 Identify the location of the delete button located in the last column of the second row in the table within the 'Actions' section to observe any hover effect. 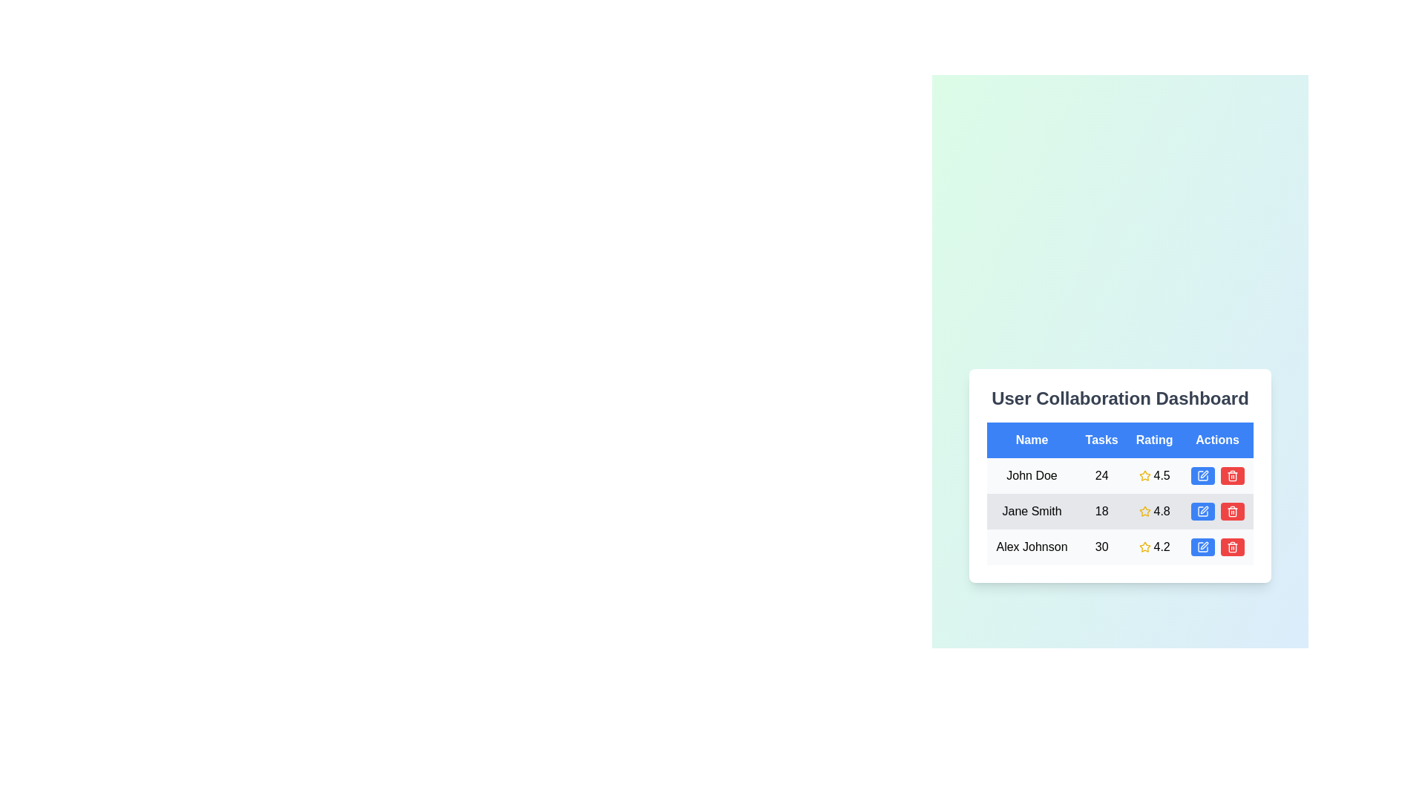
(1232, 511).